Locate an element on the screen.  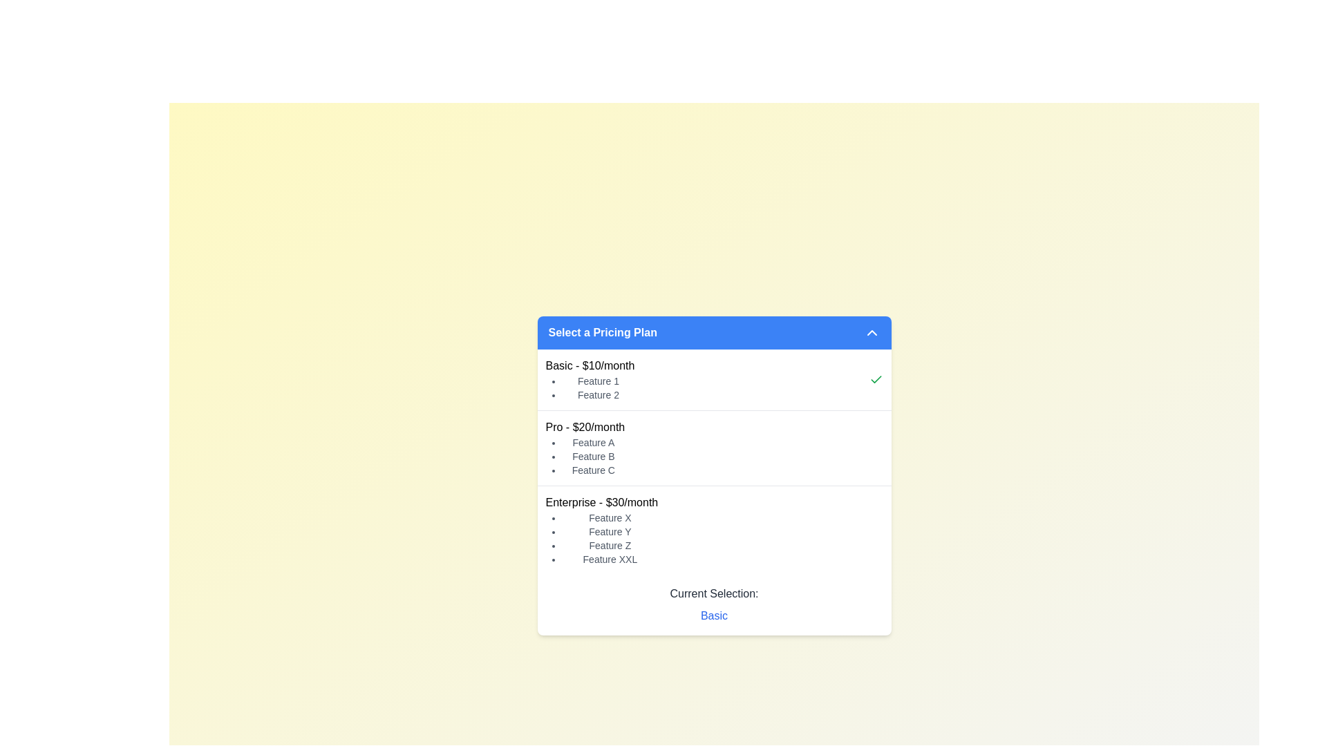
the static text that describes a feature of the 'Basic - $10/month' pricing plan, which is the second item in a bulleted list under this section is located at coordinates (598, 394).